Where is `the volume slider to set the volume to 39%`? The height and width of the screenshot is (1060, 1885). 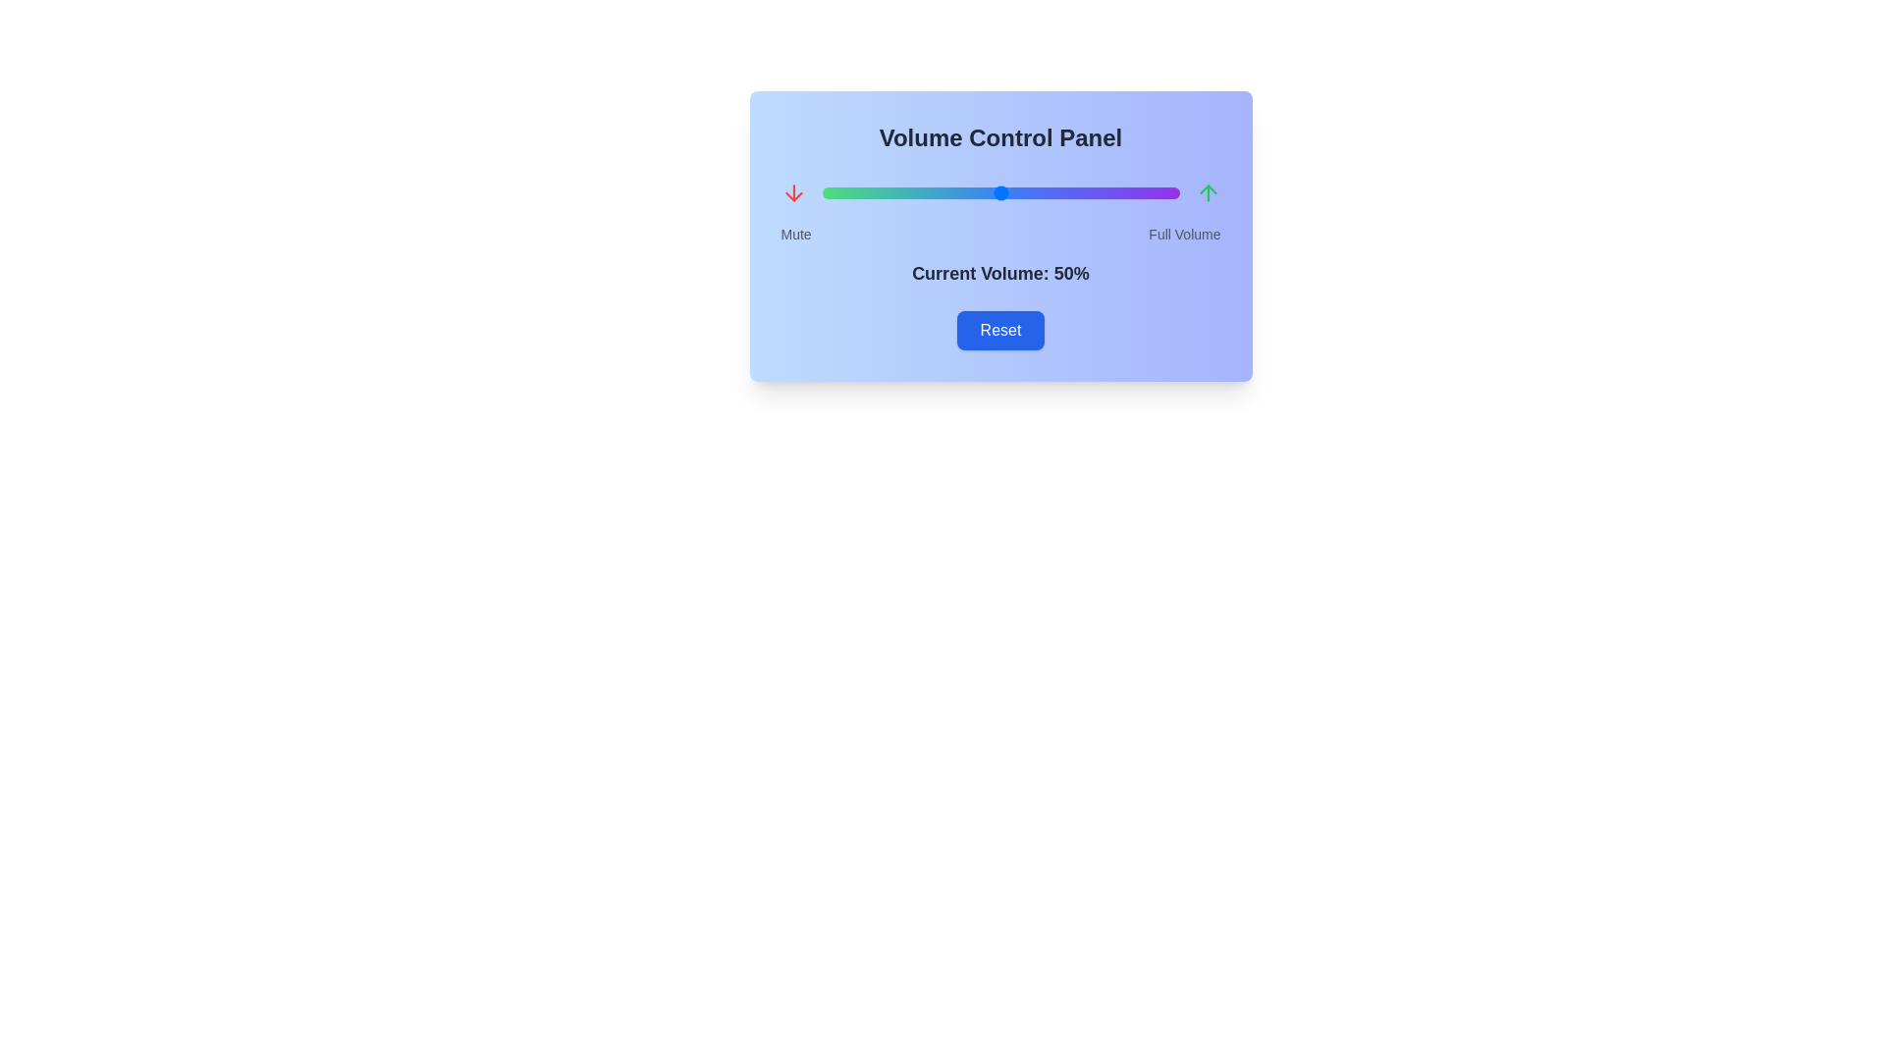
the volume slider to set the volume to 39% is located at coordinates (961, 192).